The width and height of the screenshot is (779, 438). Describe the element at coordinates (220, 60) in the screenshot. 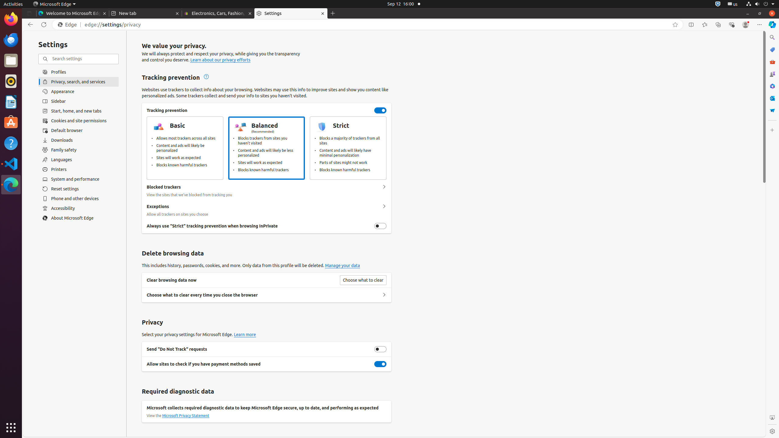

I see `'Learn about our privacy efforts'` at that location.